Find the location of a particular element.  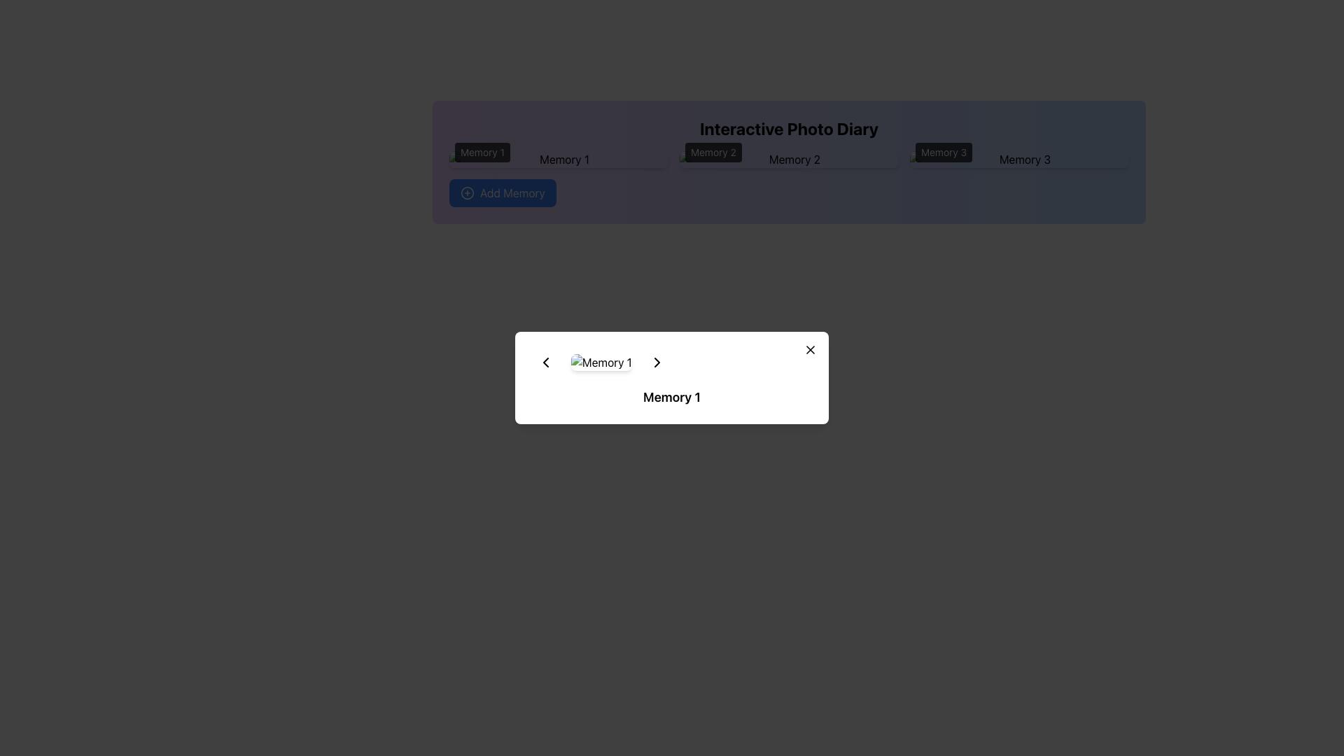

the button used is located at coordinates (503, 193).